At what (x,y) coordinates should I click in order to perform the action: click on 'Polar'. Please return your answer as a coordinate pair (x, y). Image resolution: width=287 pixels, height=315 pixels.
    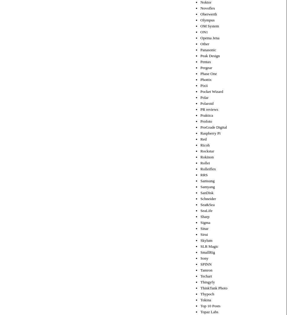
    Looking at the image, I should click on (204, 97).